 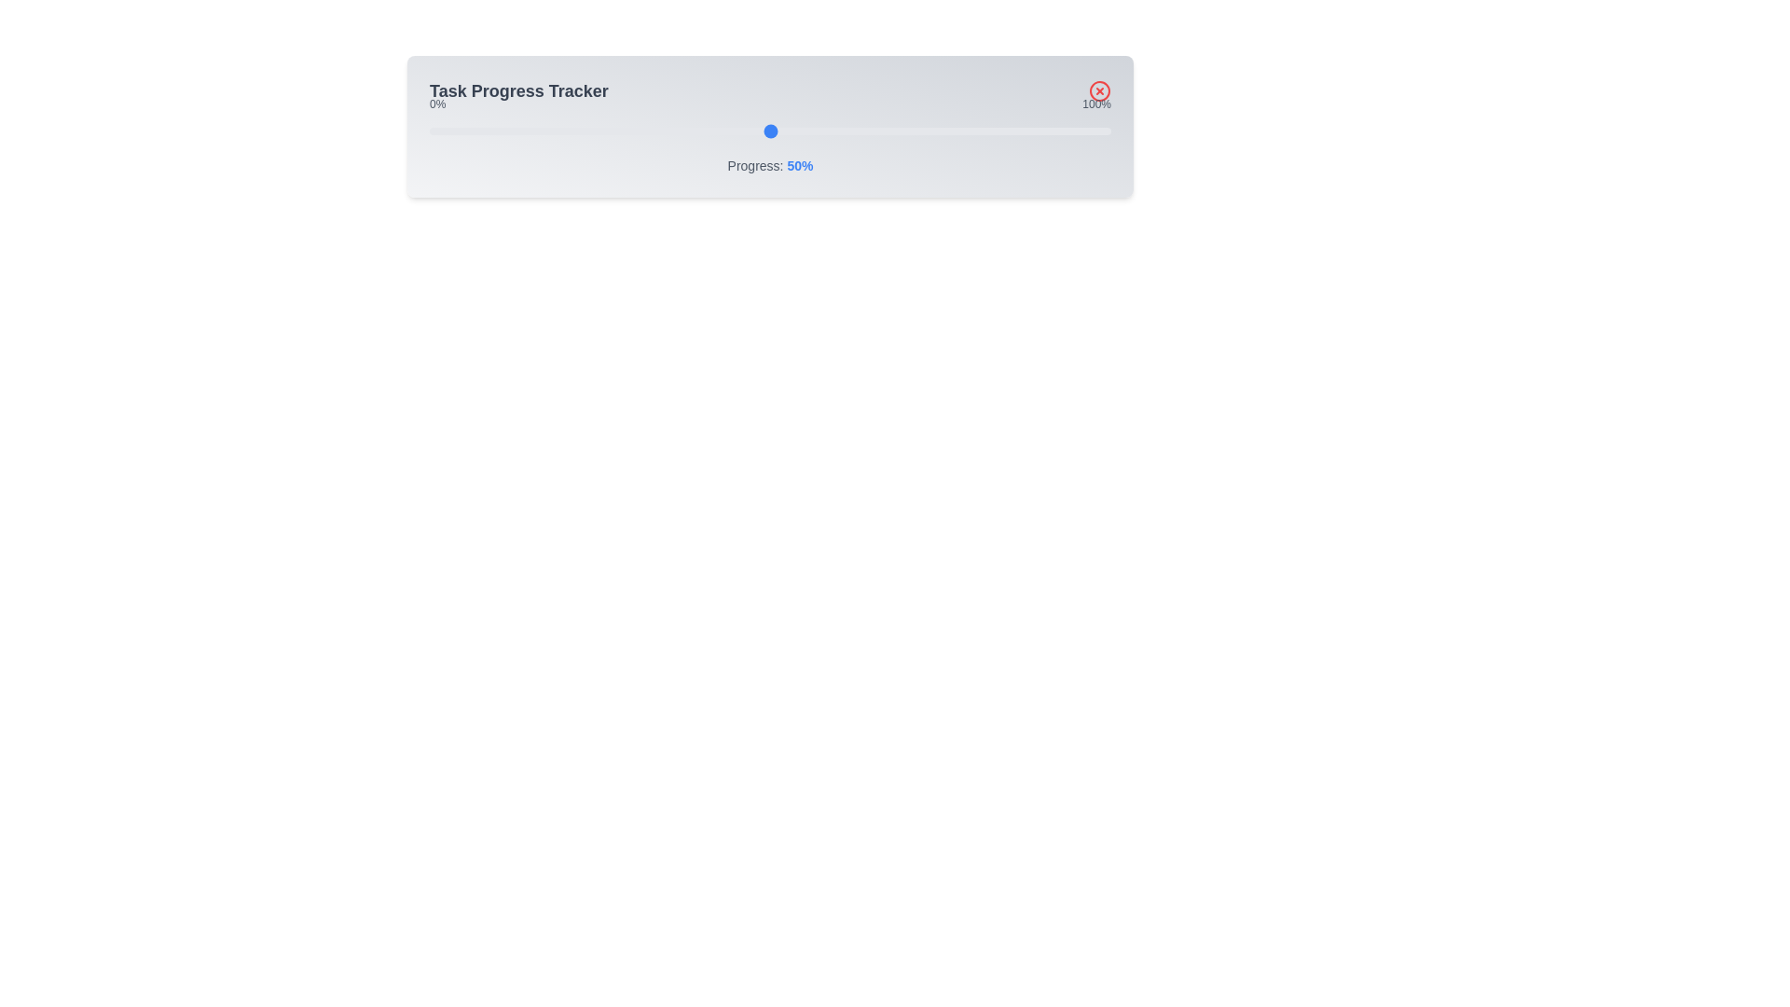 I want to click on the blue handle of the Progress Bar Component, so click(x=770, y=126).